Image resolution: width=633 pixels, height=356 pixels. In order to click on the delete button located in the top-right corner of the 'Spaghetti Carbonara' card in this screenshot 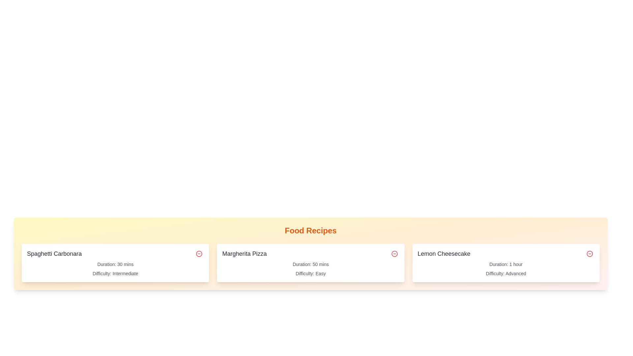, I will do `click(199, 253)`.